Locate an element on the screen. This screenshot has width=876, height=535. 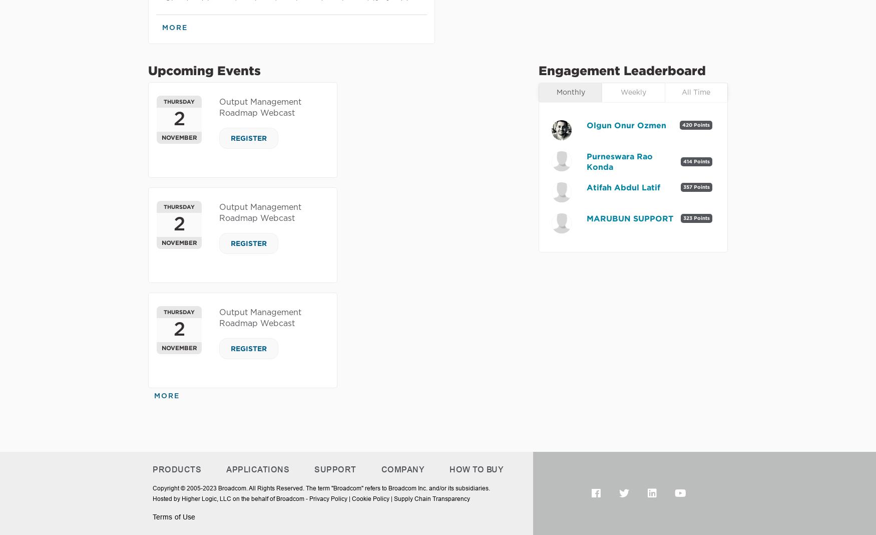
'Company' is located at coordinates (402, 469).